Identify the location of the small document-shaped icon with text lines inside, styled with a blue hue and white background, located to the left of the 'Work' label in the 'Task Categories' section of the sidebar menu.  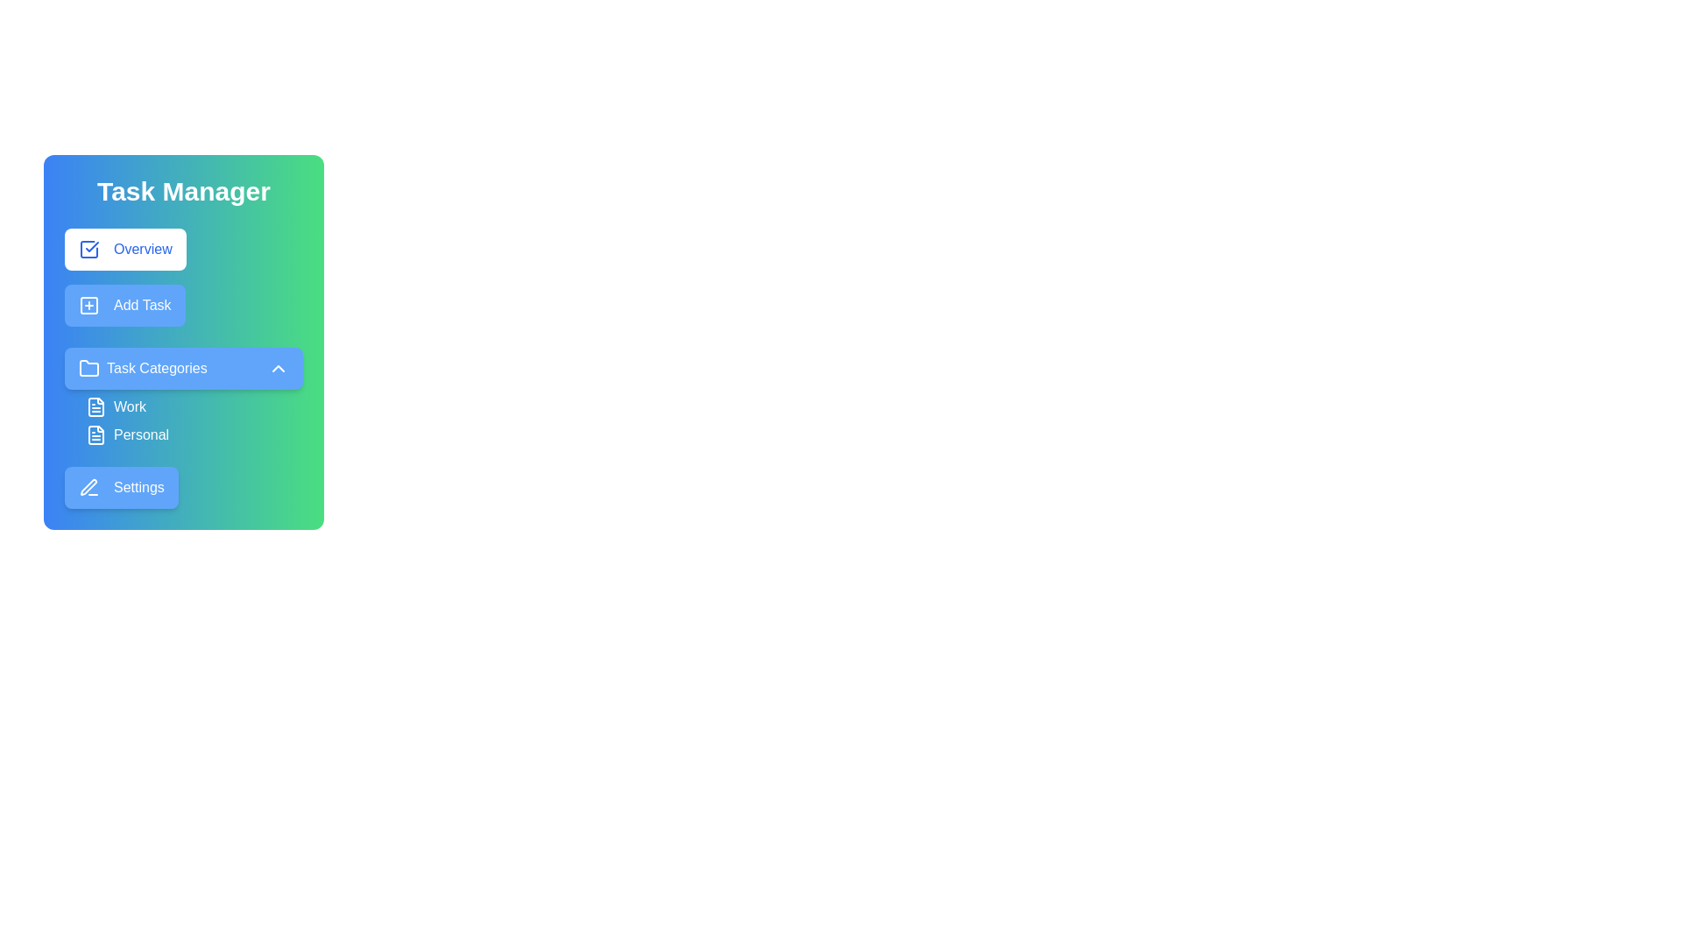
(95, 407).